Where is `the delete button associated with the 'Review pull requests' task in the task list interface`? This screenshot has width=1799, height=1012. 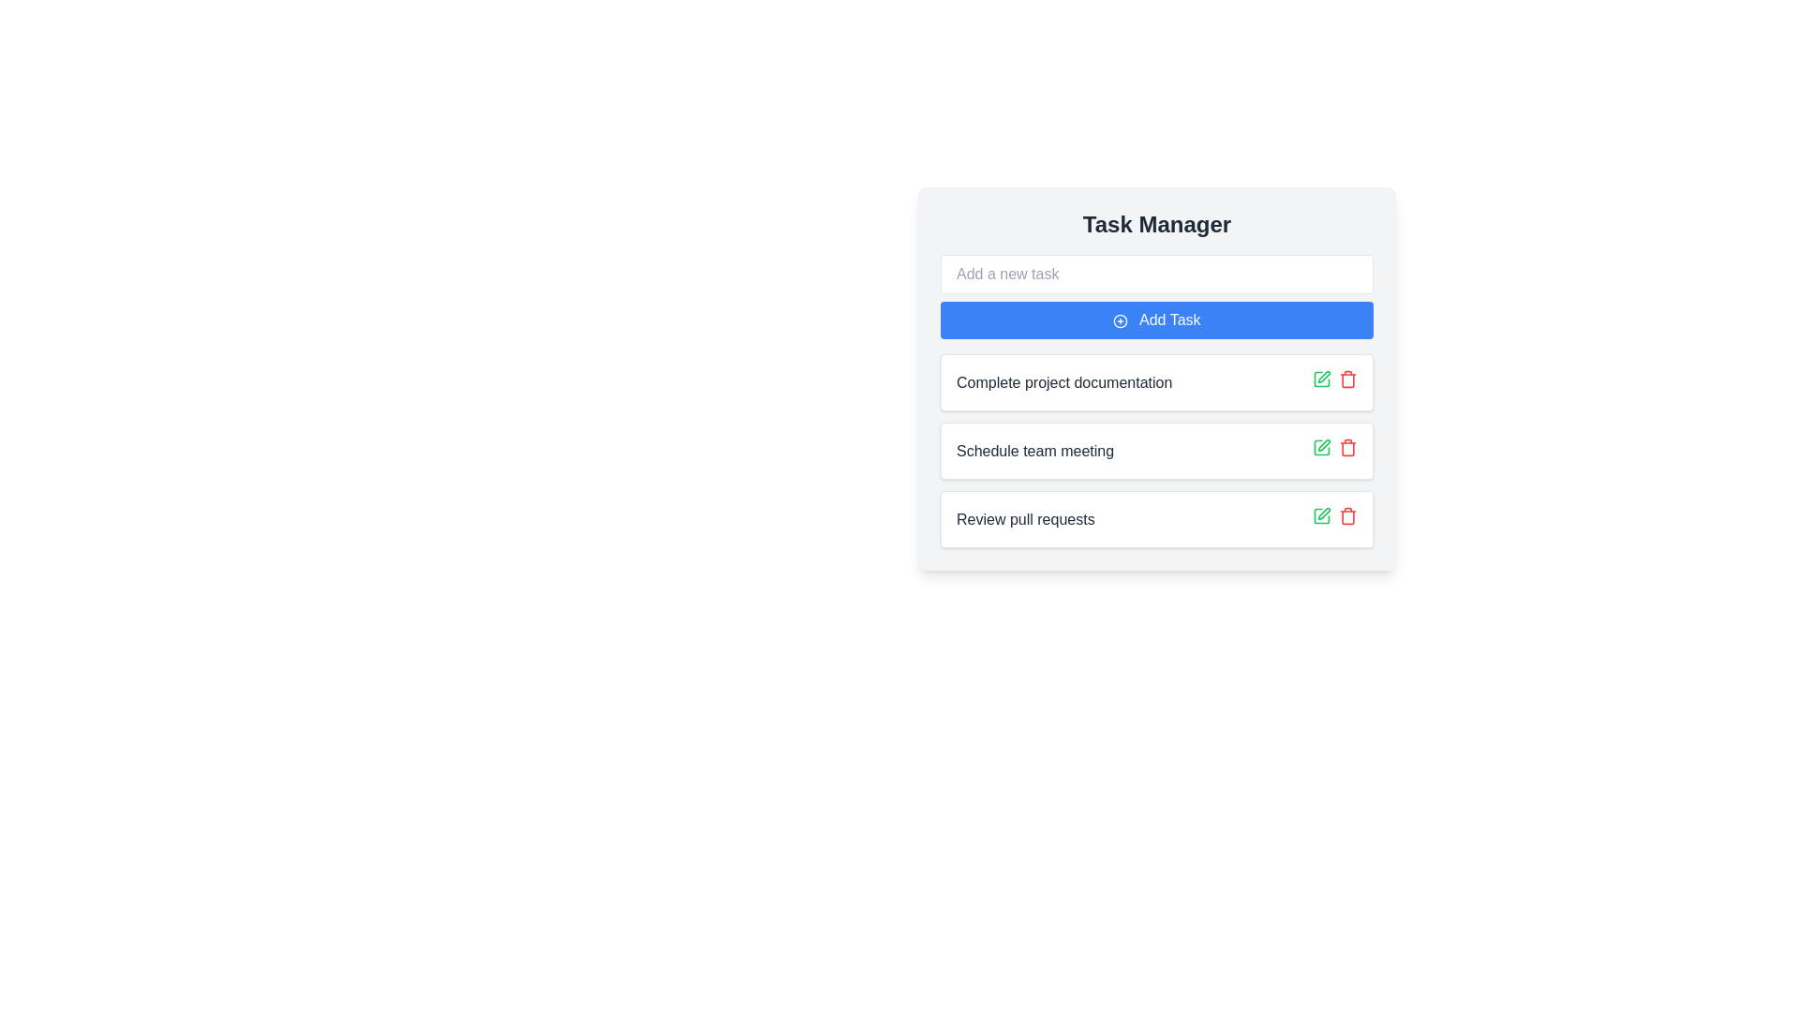 the delete button associated with the 'Review pull requests' task in the task list interface is located at coordinates (1347, 379).